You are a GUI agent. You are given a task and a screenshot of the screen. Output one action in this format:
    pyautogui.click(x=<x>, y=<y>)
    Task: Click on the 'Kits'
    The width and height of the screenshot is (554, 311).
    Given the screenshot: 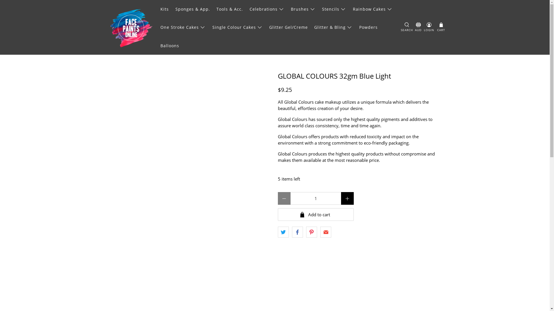 What is the action you would take?
    pyautogui.click(x=164, y=9)
    